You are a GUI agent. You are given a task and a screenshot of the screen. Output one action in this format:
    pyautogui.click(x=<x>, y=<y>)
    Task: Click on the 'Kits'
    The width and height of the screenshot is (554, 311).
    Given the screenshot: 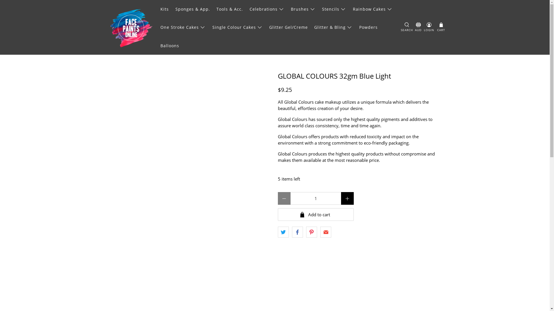 What is the action you would take?
    pyautogui.click(x=164, y=9)
    